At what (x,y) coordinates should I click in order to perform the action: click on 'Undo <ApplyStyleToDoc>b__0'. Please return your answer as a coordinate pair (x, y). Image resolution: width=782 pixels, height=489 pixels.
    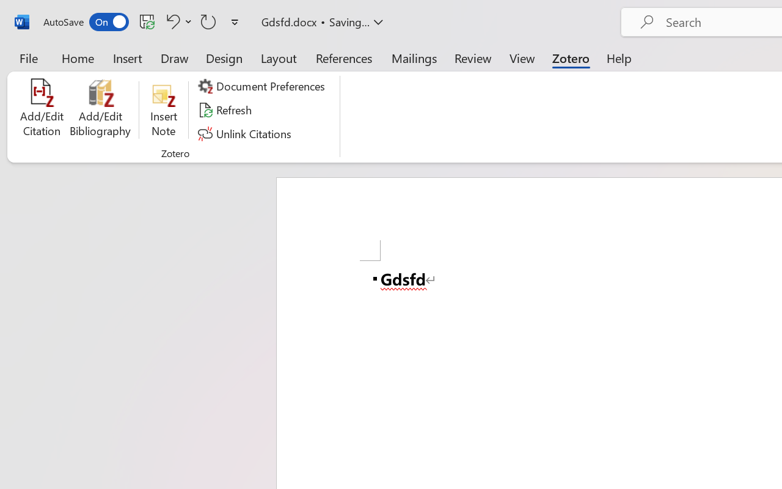
    Looking at the image, I should click on (177, 21).